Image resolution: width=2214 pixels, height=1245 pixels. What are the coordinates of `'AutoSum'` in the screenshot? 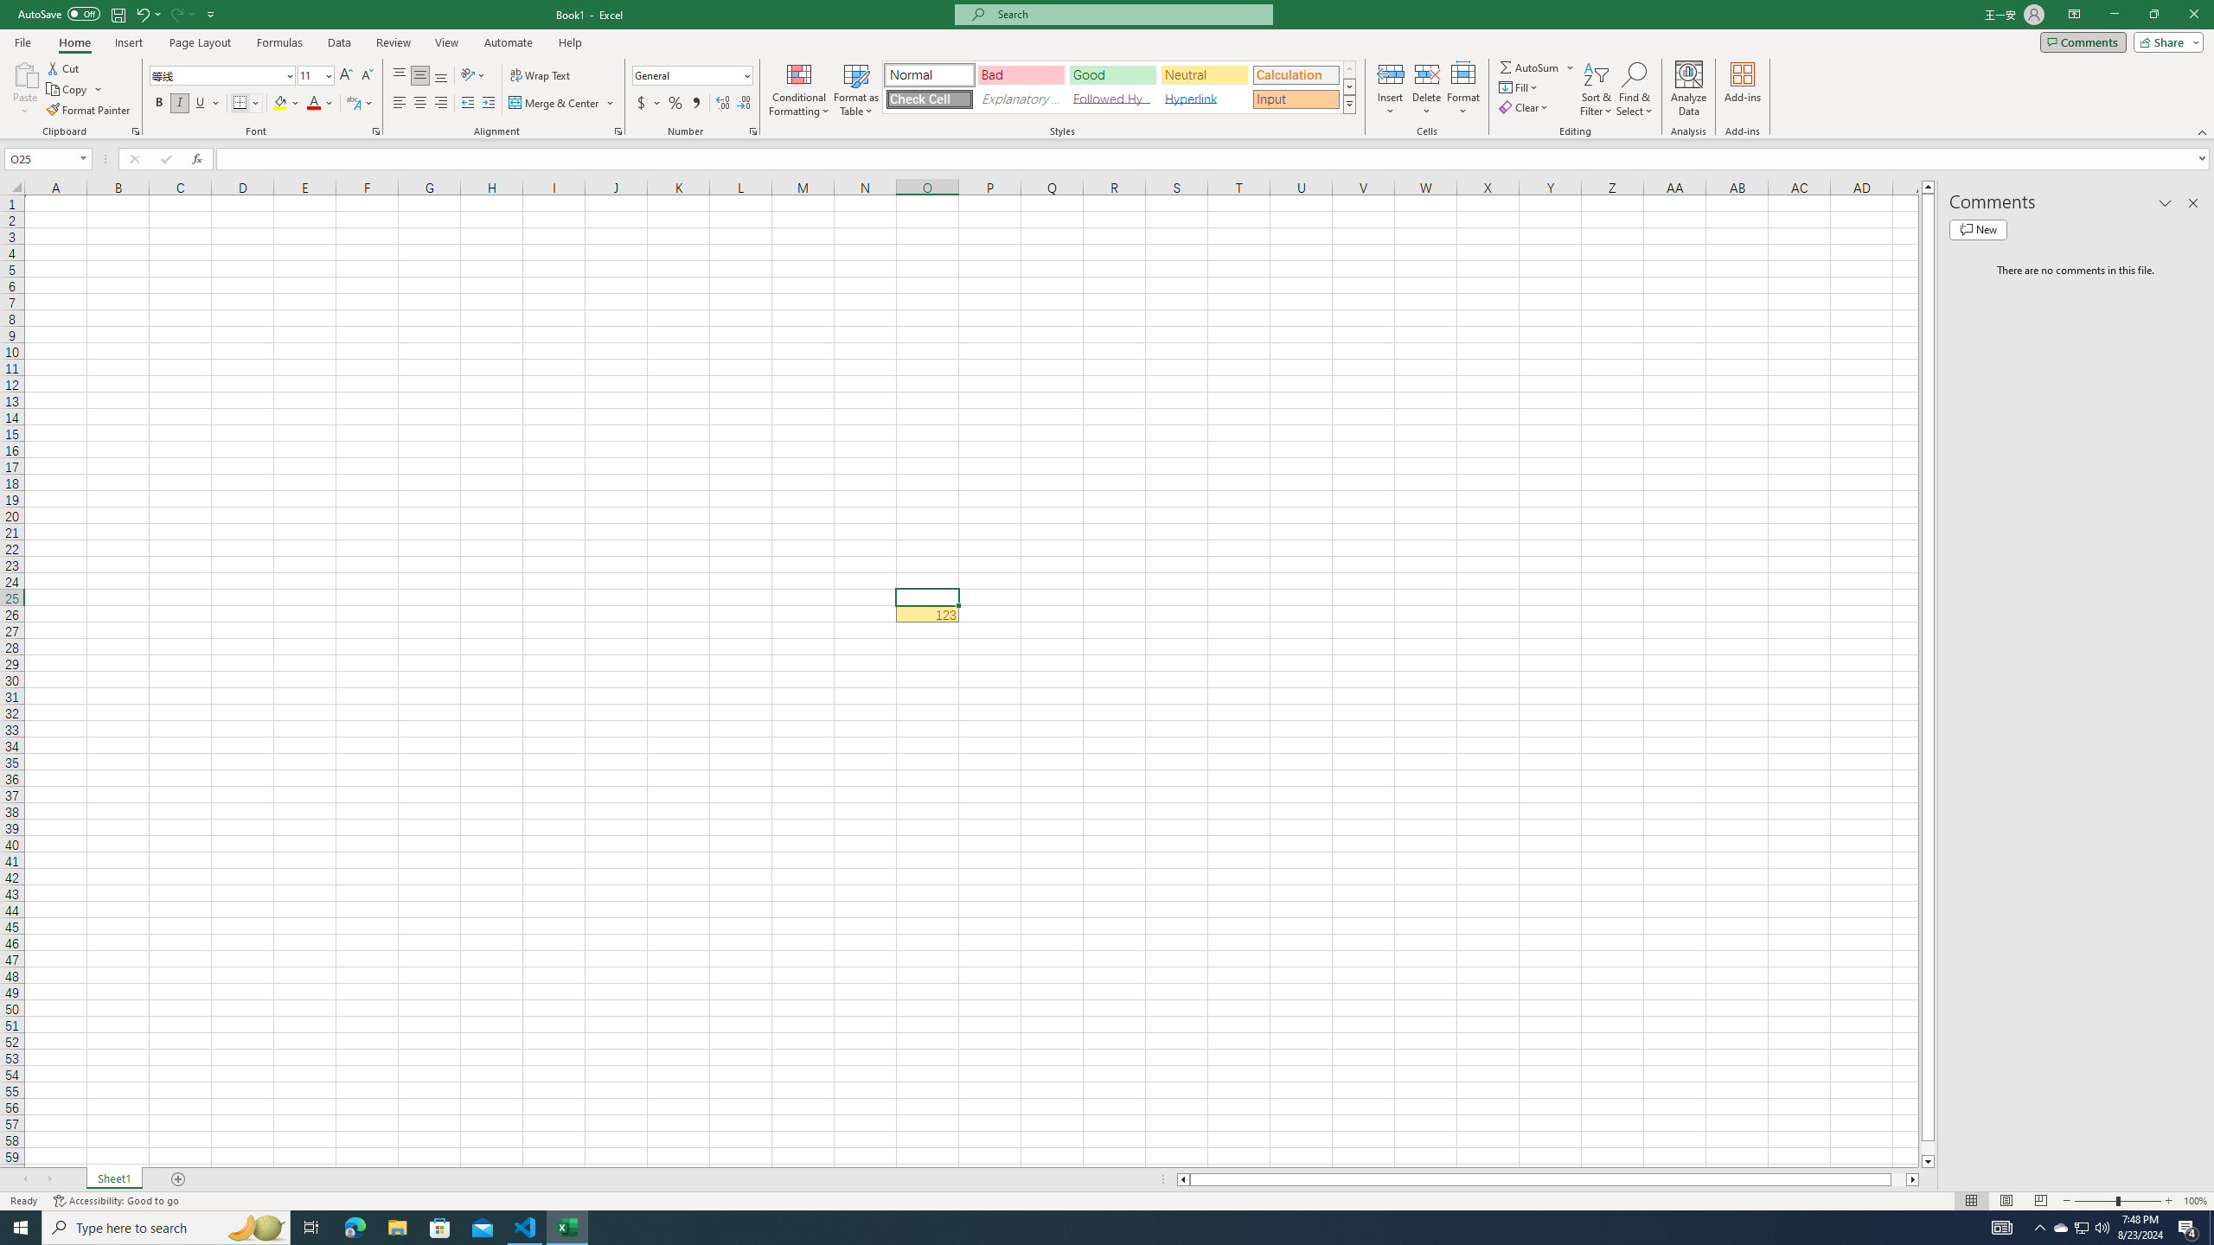 It's located at (1537, 67).